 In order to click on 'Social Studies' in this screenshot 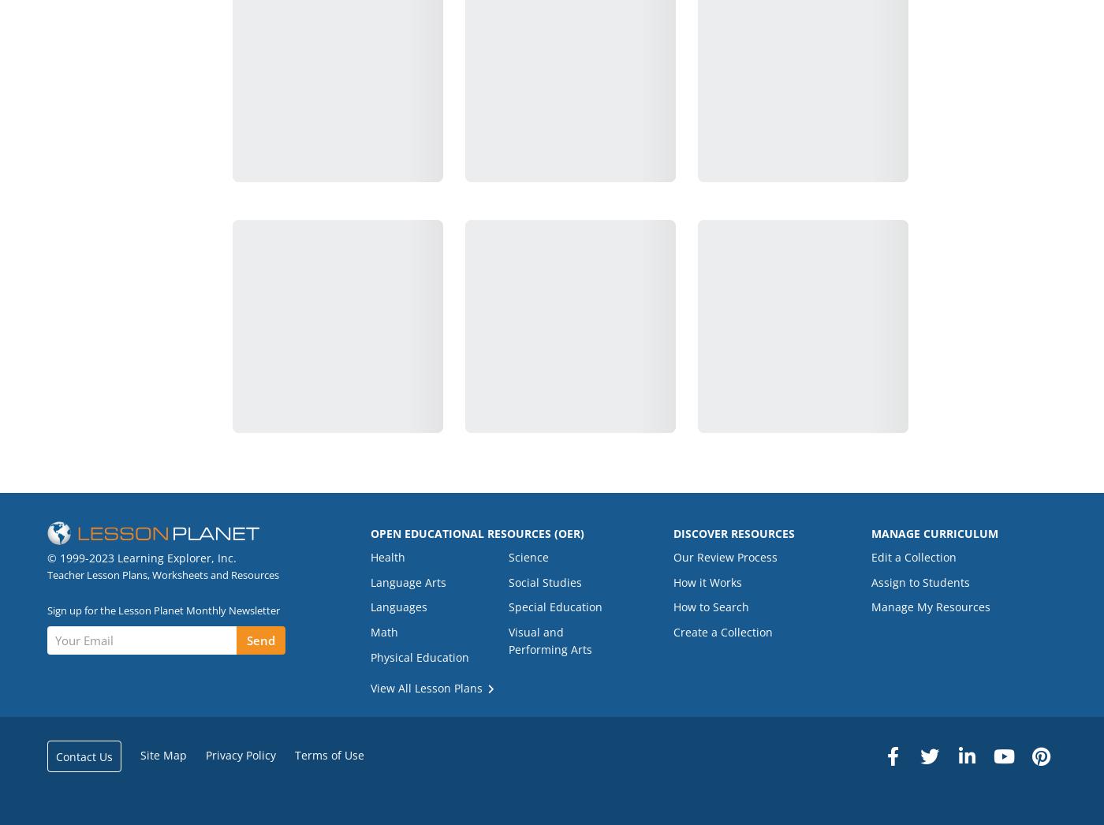, I will do `click(544, 580)`.